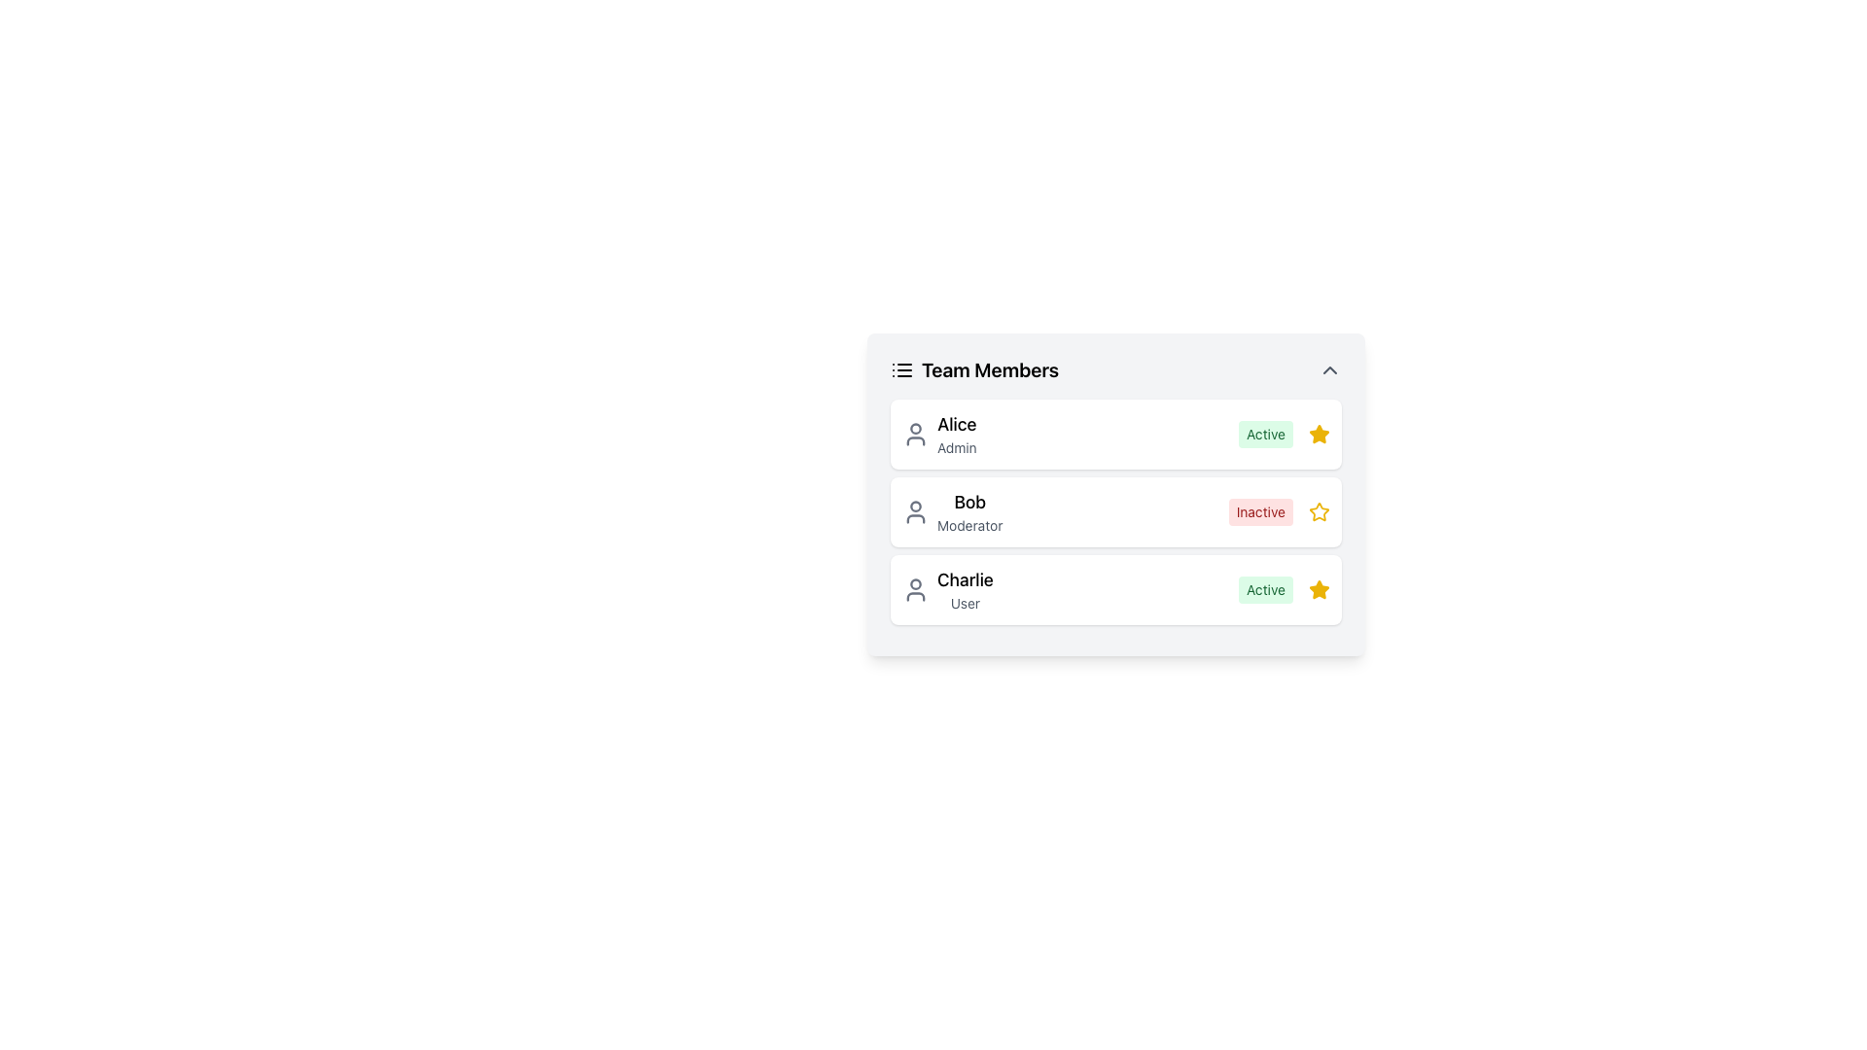  What do you see at coordinates (974, 370) in the screenshot?
I see `the 'Team Members' heading with an icon` at bounding box center [974, 370].